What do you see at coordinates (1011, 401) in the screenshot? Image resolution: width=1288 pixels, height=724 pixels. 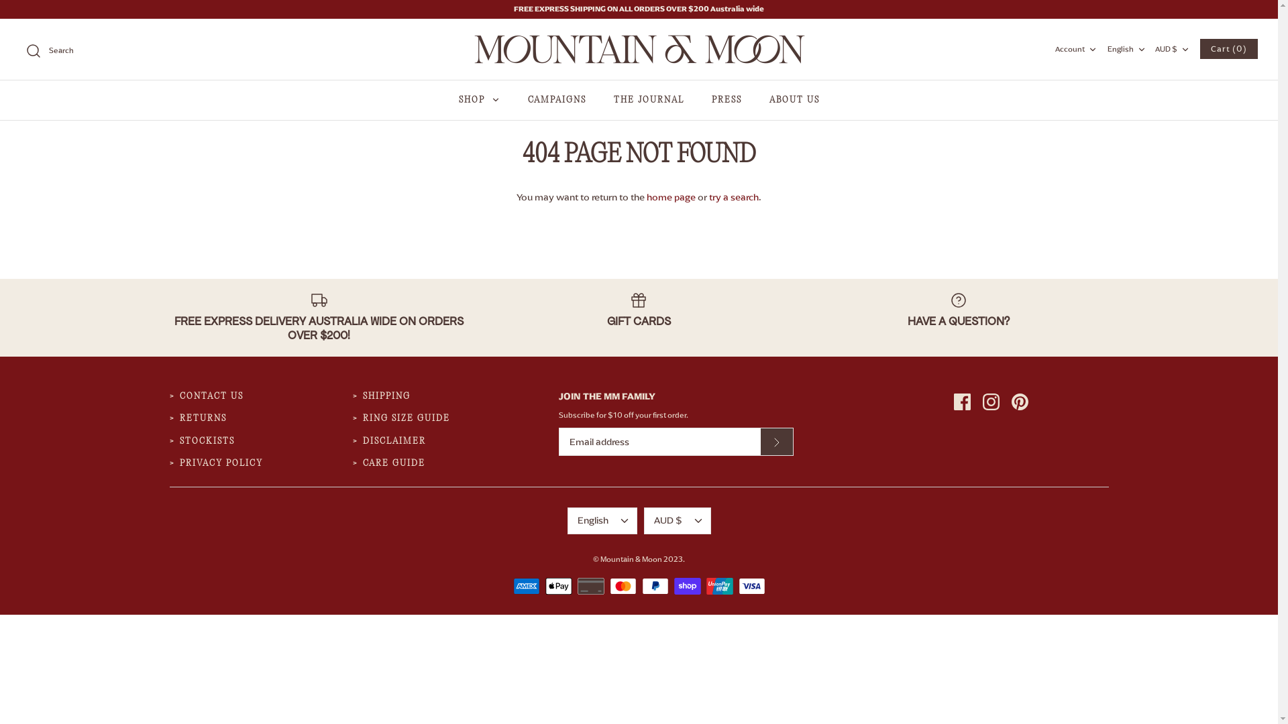 I see `'Pinterest'` at bounding box center [1011, 401].